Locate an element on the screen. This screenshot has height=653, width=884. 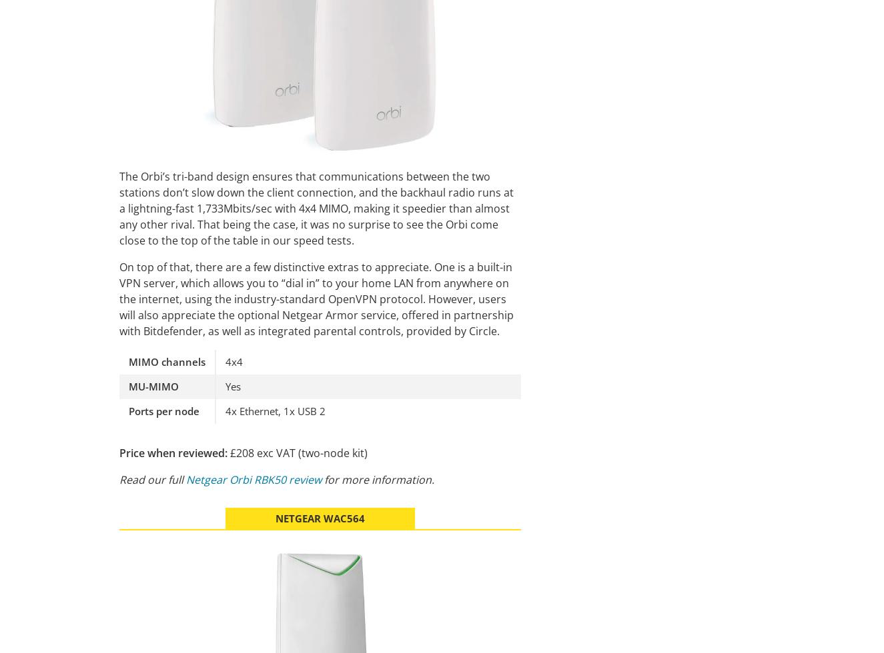
'4x Ethernet, 1x USB 2' is located at coordinates (276, 410).